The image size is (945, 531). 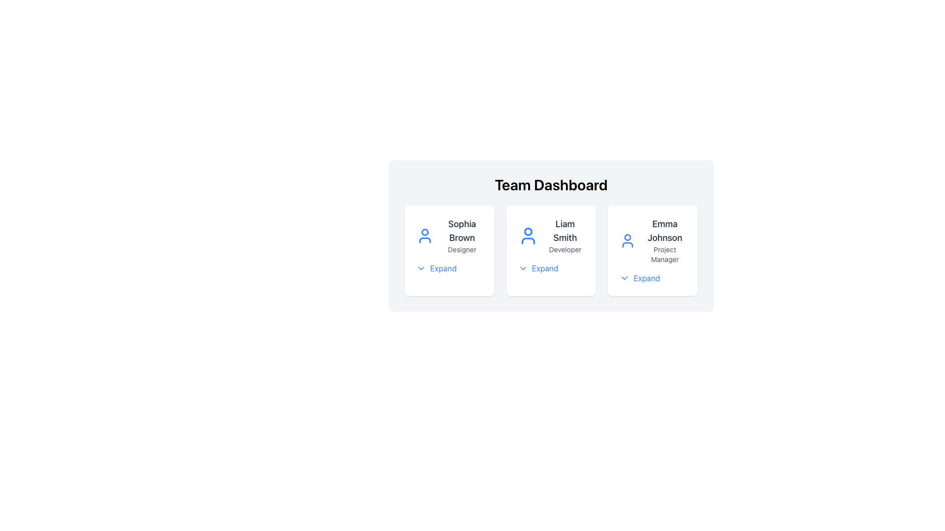 What do you see at coordinates (653, 240) in the screenshot?
I see `the profile icon on the far right of the row of three profile cards for actions` at bounding box center [653, 240].